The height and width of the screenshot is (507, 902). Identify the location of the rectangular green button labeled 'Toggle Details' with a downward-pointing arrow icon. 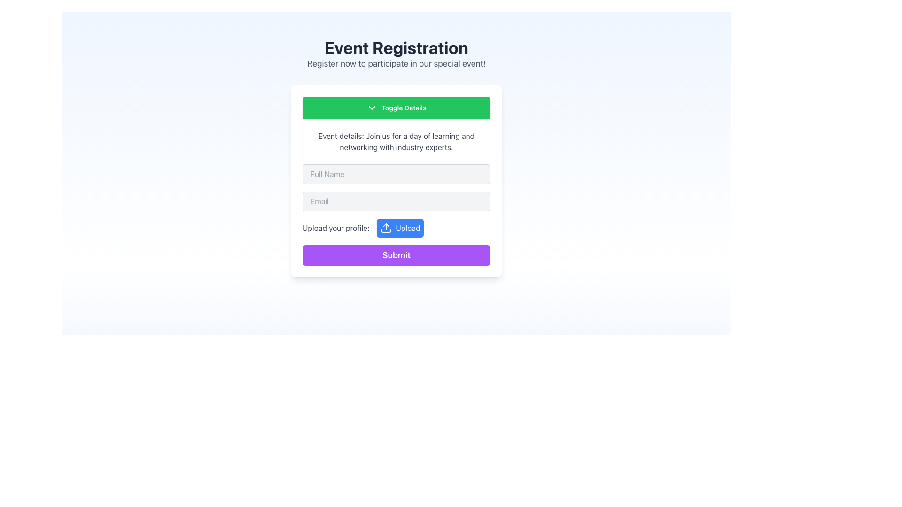
(397, 108).